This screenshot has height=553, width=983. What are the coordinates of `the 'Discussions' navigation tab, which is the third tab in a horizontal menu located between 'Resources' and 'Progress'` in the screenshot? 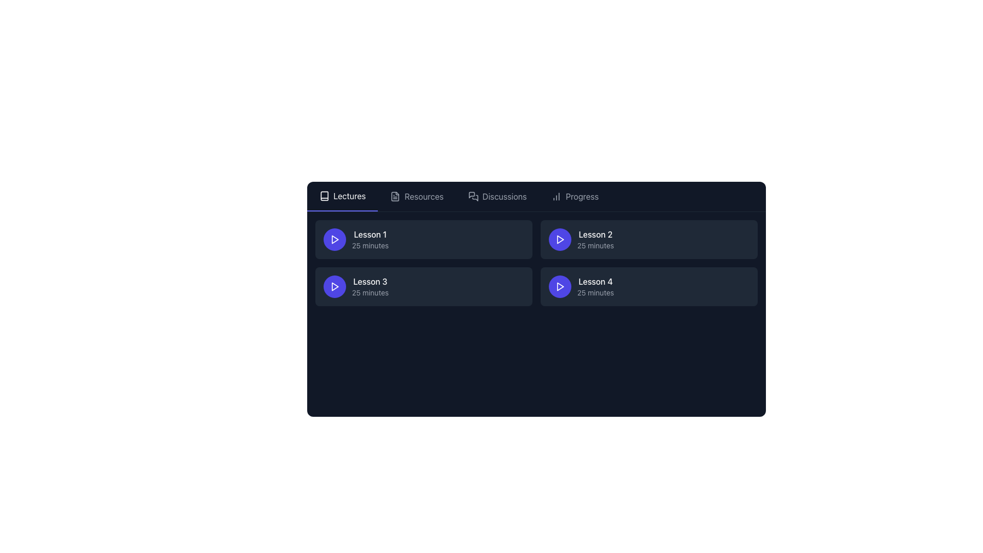 It's located at (504, 197).